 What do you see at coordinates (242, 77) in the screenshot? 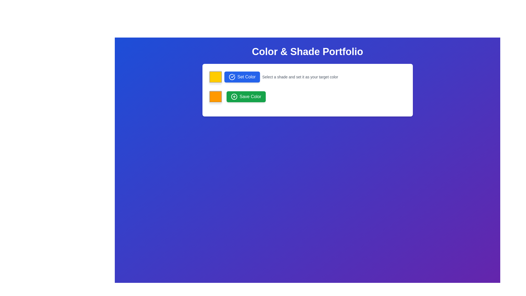
I see `the 'Set Color' button, which has a blue background and contains white text` at bounding box center [242, 77].